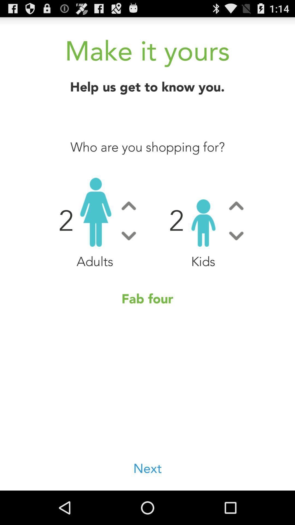  Describe the element at coordinates (236, 236) in the screenshot. I see `decrease number of kids` at that location.